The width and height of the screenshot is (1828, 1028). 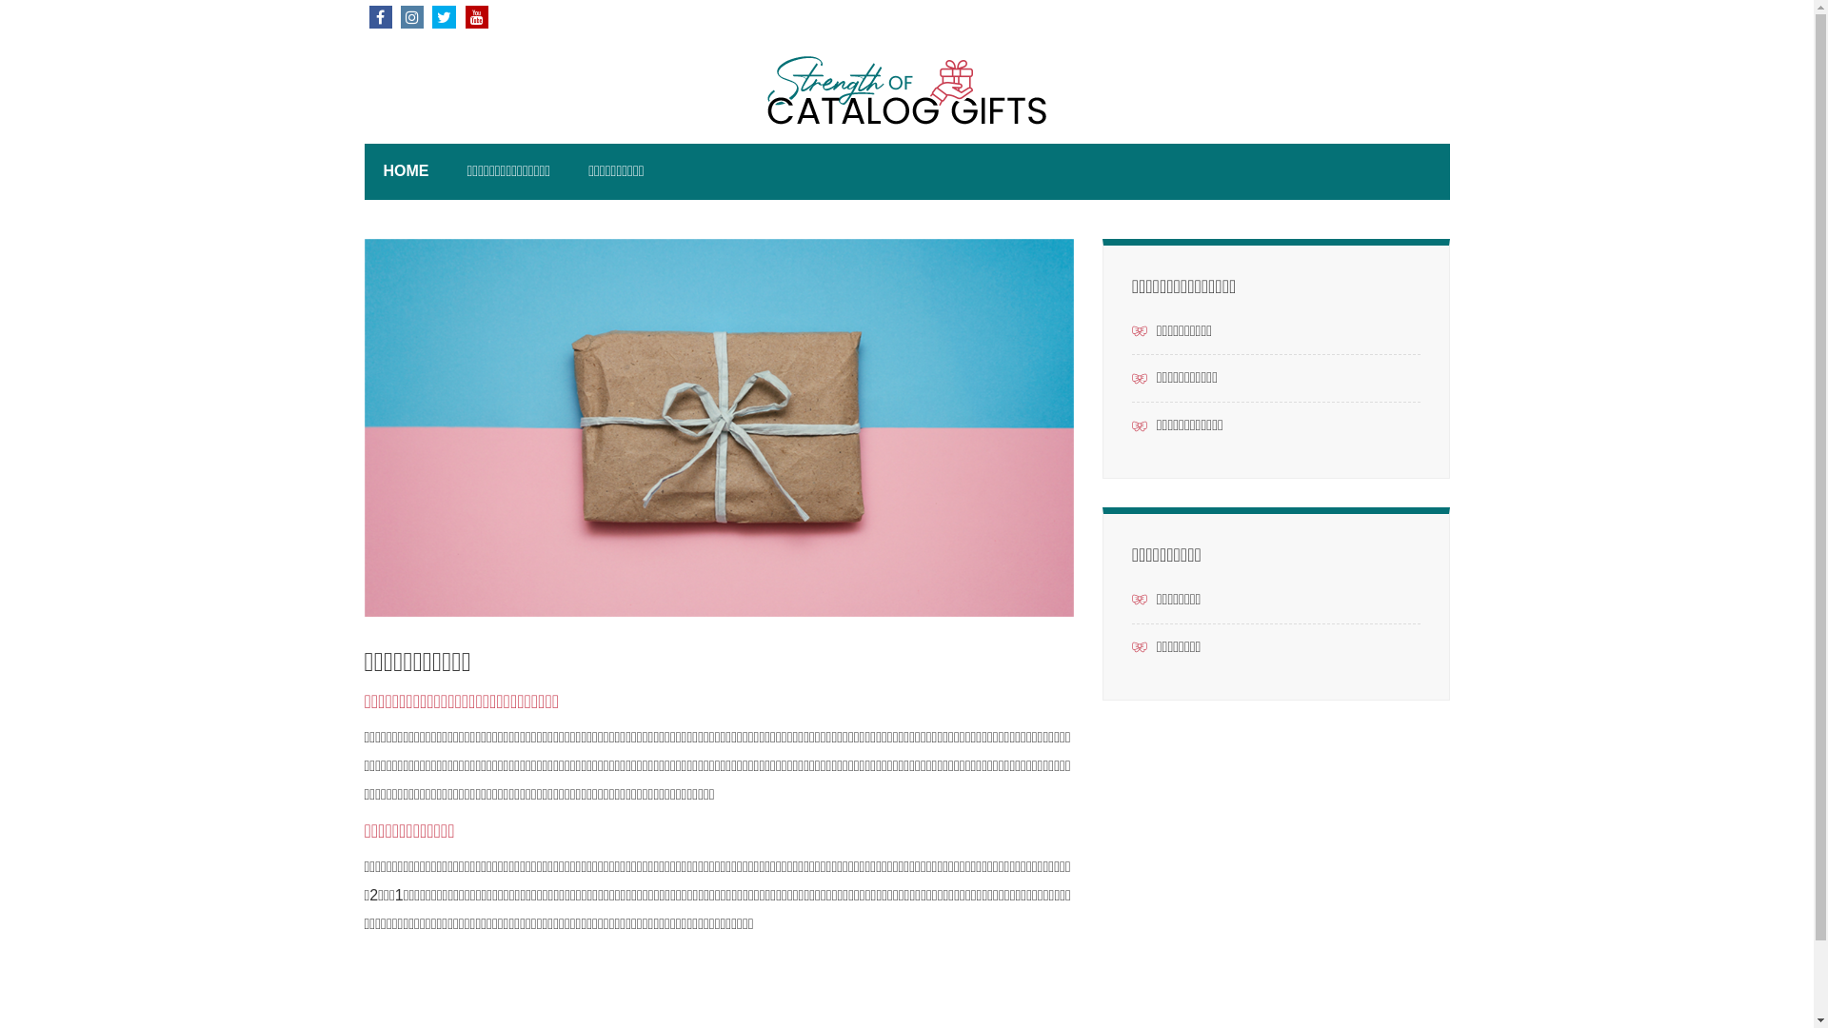 I want to click on 'TWITTER', so click(x=431, y=17).